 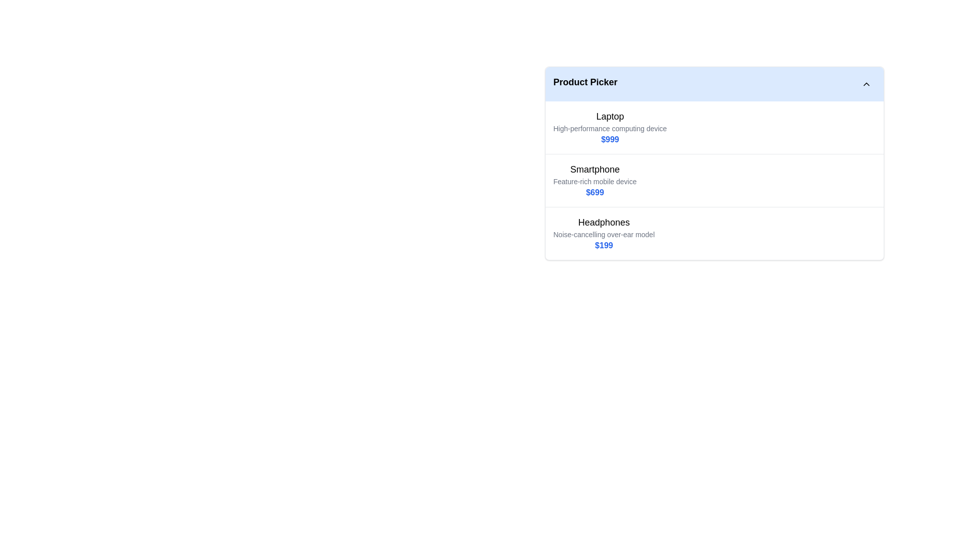 What do you see at coordinates (604, 235) in the screenshot?
I see `the text label that reads 'Noise-cancelling over-ear model', which is styled with a smaller font size and gray color, positioned between the title 'Headphones' and the price '$199'` at bounding box center [604, 235].